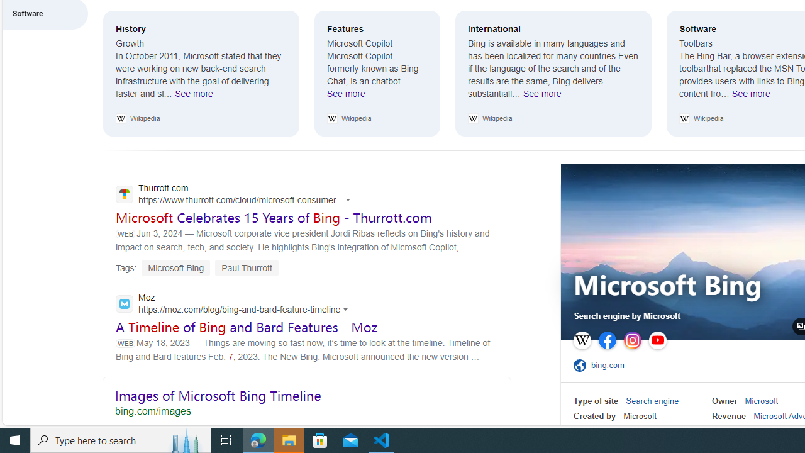 The width and height of the screenshot is (805, 453). I want to click on 'See more International', so click(542, 96).